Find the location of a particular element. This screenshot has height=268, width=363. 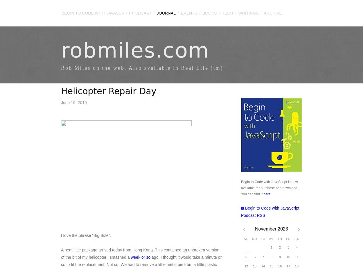

'13' is located at coordinates (254, 265).